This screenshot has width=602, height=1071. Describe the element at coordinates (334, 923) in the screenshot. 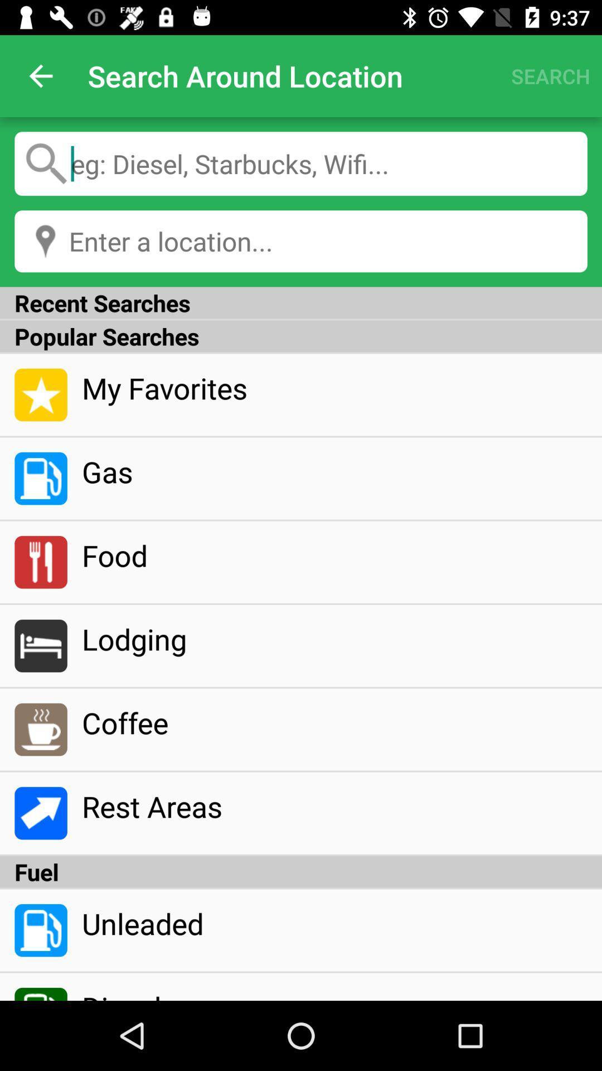

I see `icon below fuel` at that location.